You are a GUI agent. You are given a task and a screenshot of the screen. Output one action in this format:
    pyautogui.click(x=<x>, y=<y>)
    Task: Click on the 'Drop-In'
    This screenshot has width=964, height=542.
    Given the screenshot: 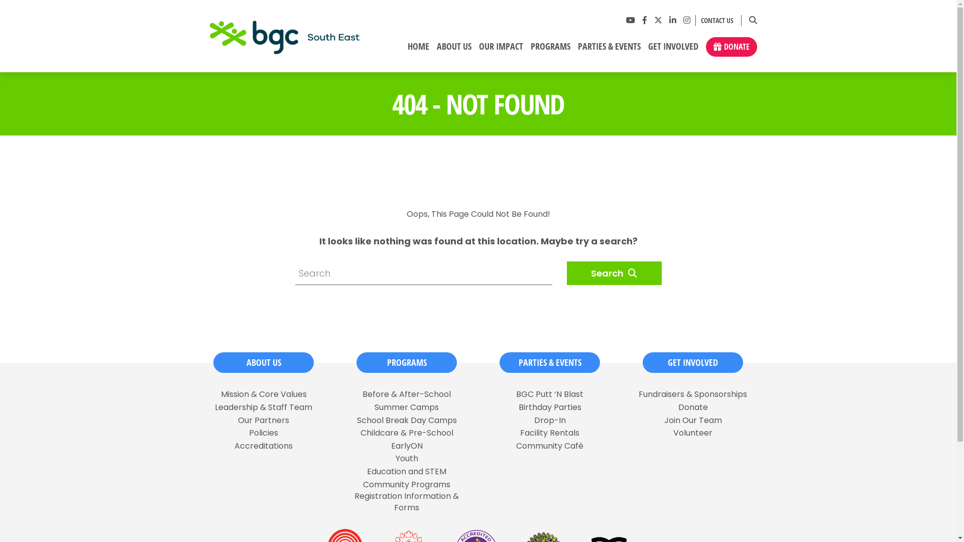 What is the action you would take?
    pyautogui.click(x=549, y=420)
    